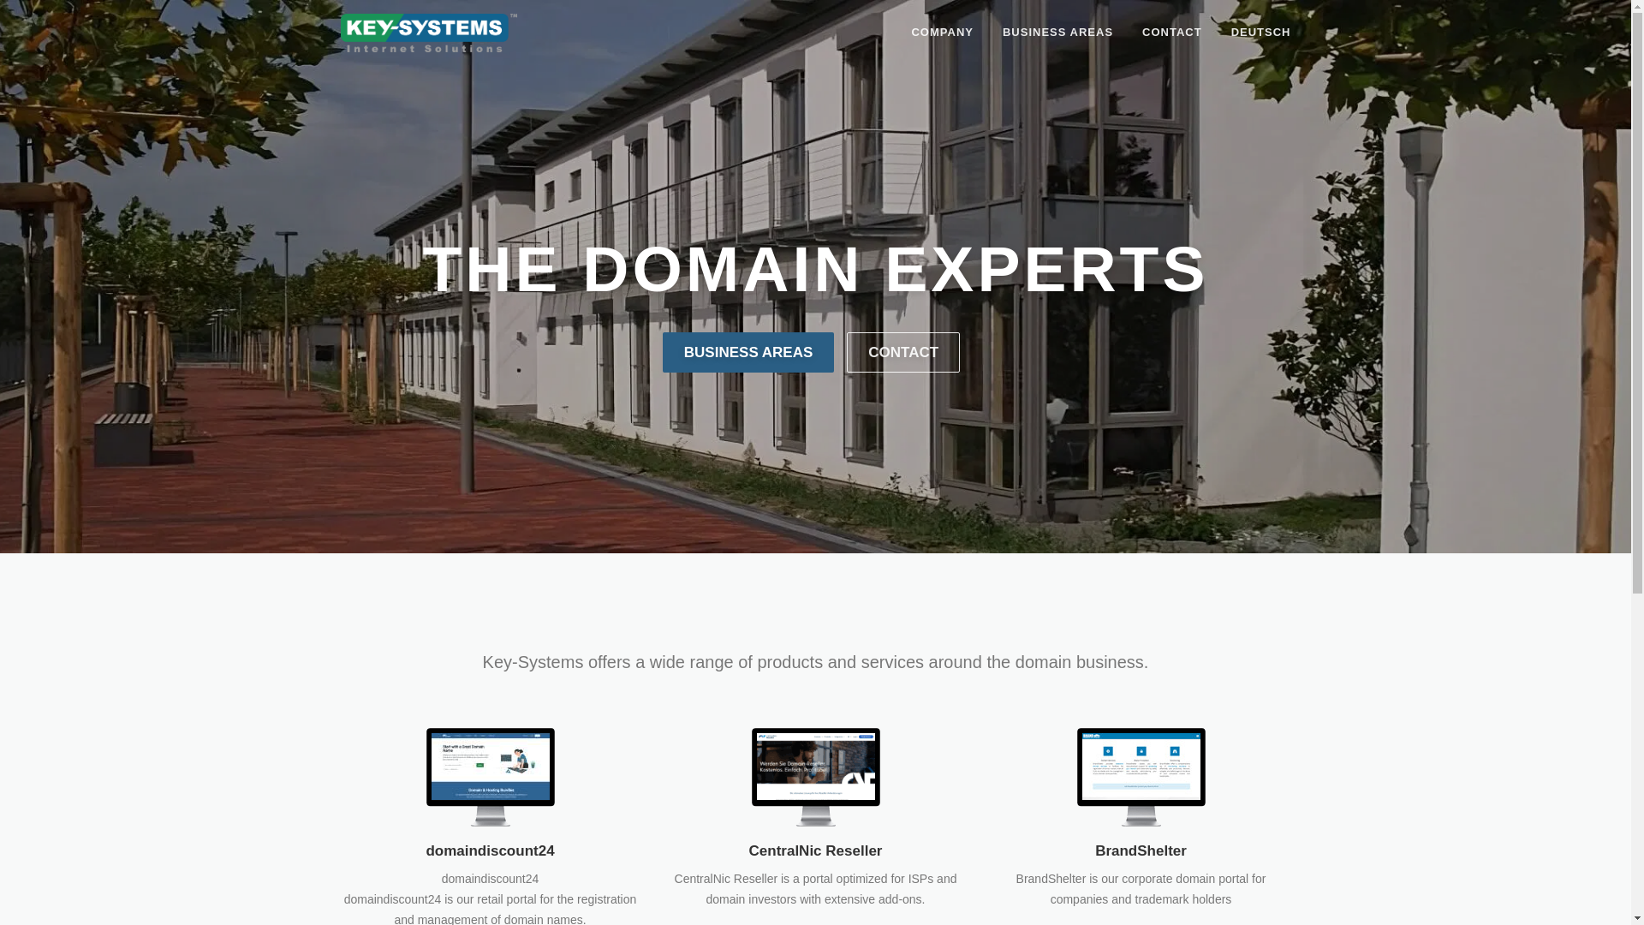 The height and width of the screenshot is (925, 1644). I want to click on 'BUSINESS AREAS', so click(1057, 32).